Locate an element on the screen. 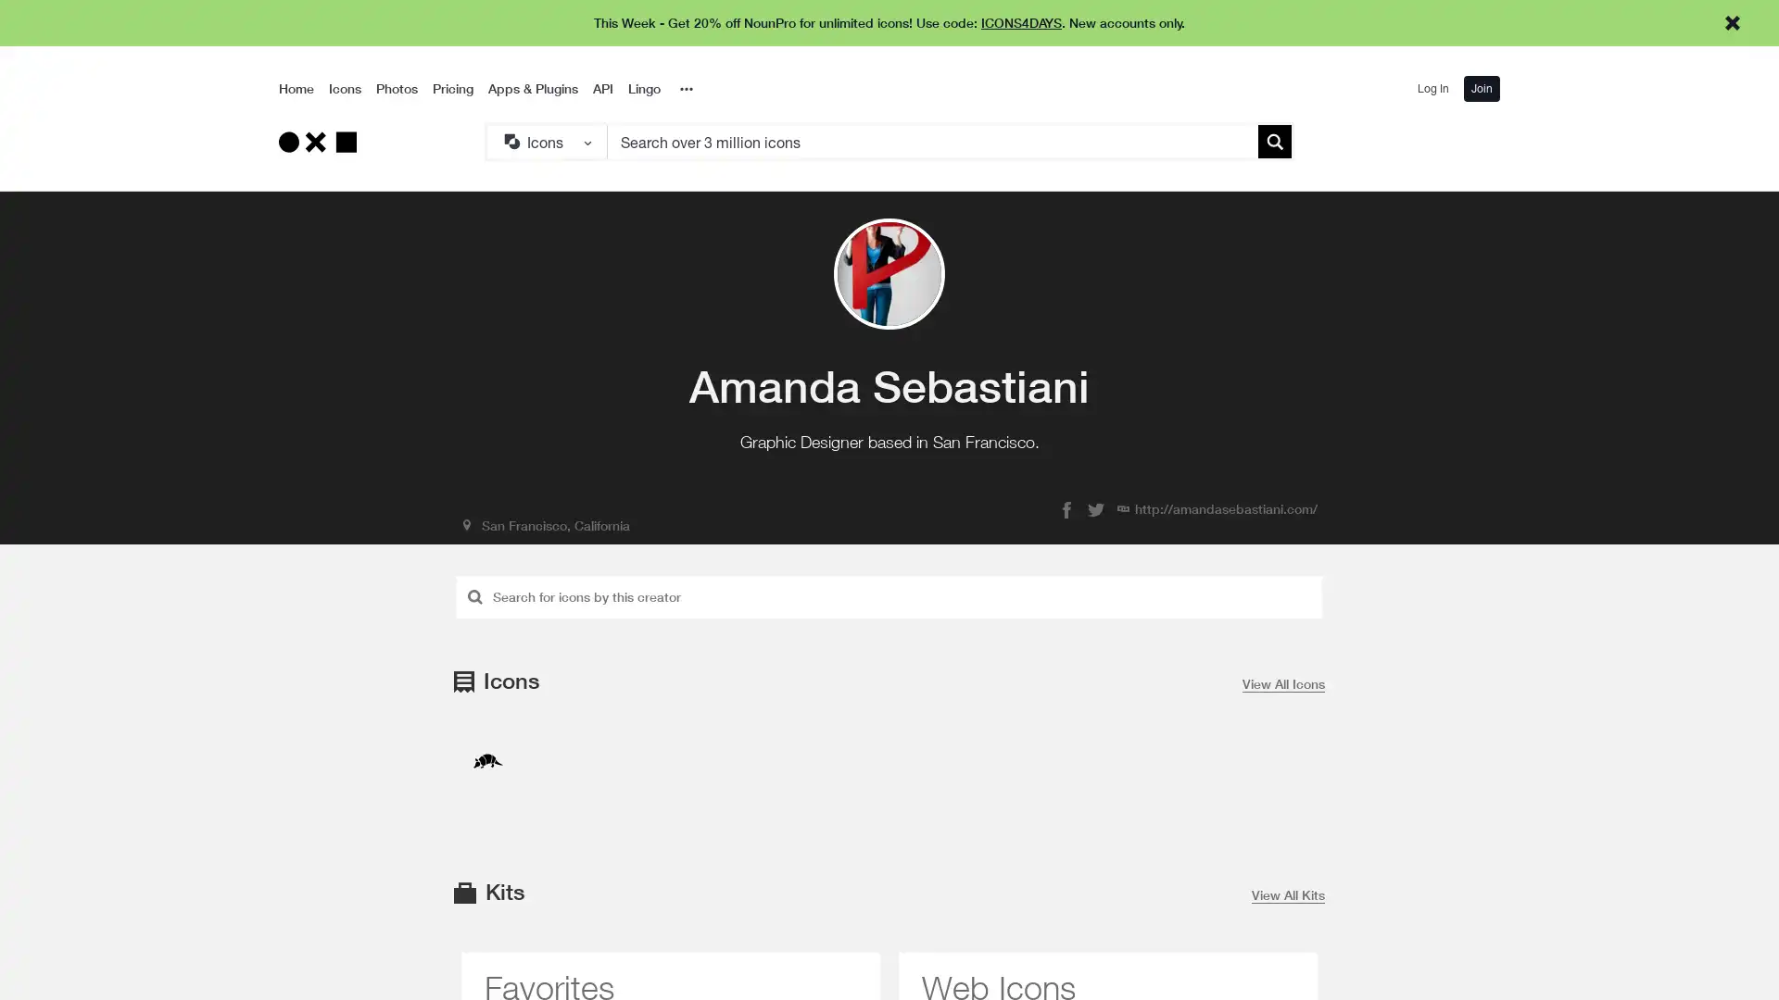 The width and height of the screenshot is (1779, 1000). Submit search term is located at coordinates (1272, 141).